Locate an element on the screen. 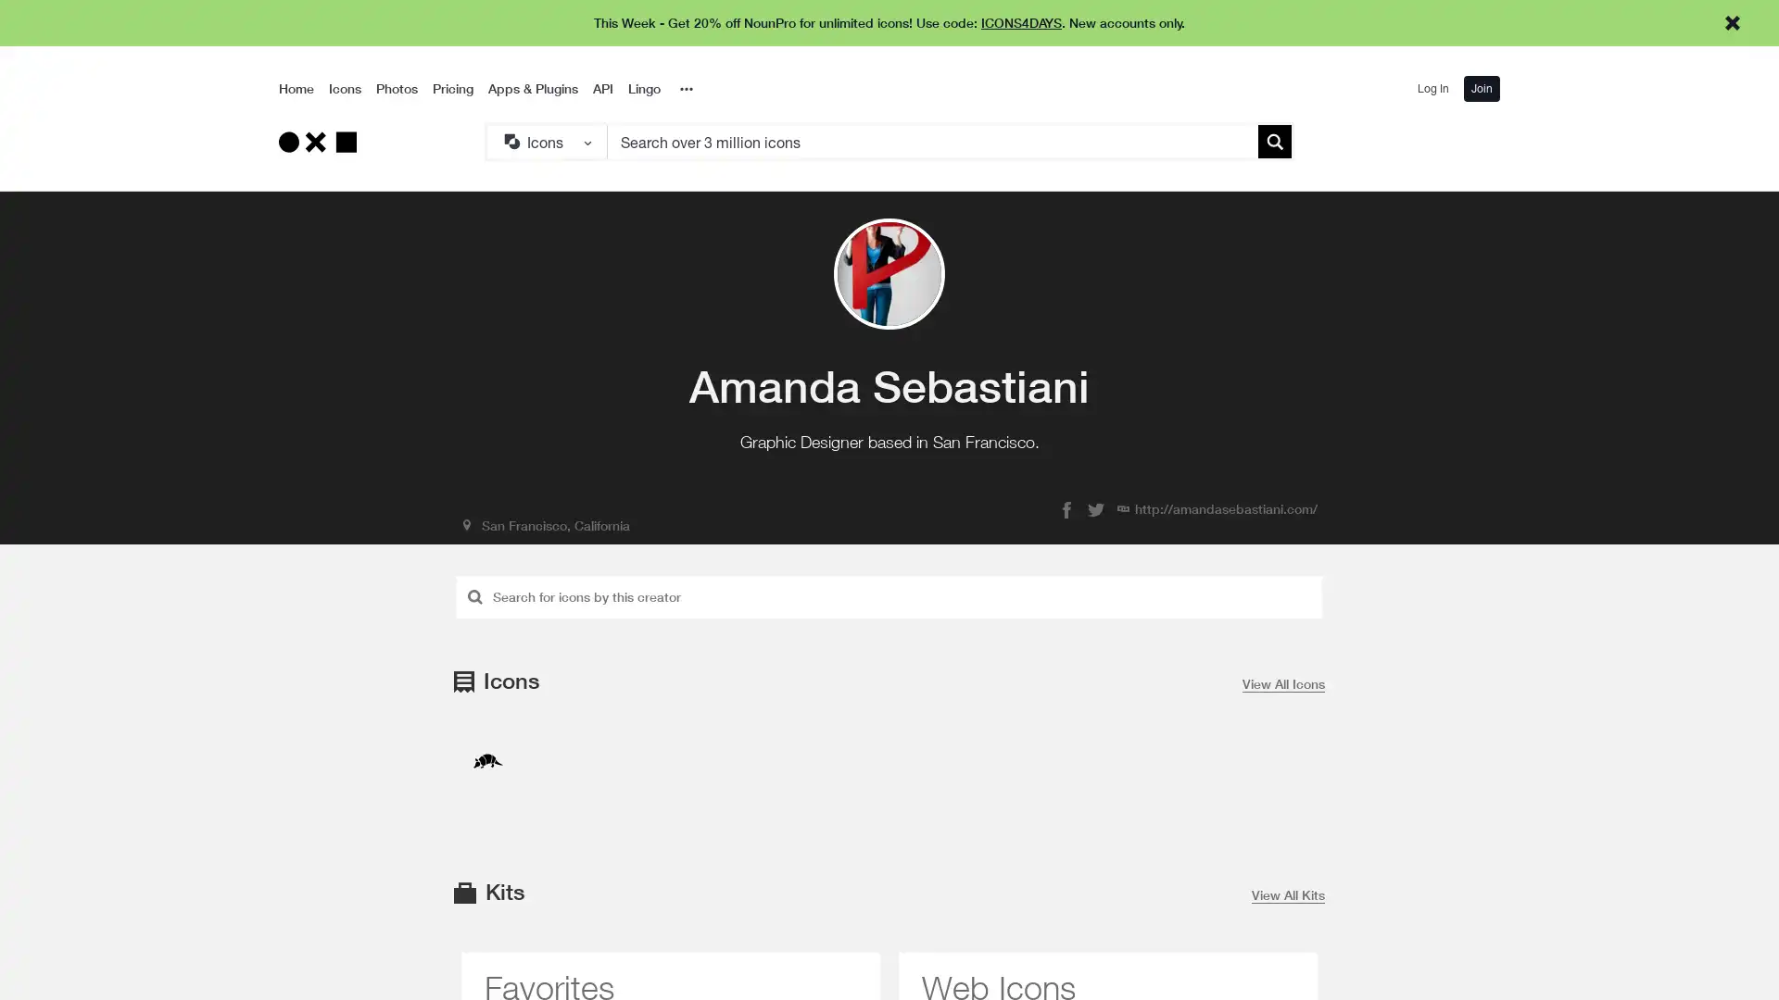 The width and height of the screenshot is (1779, 1000). Submit search term is located at coordinates (1272, 141).